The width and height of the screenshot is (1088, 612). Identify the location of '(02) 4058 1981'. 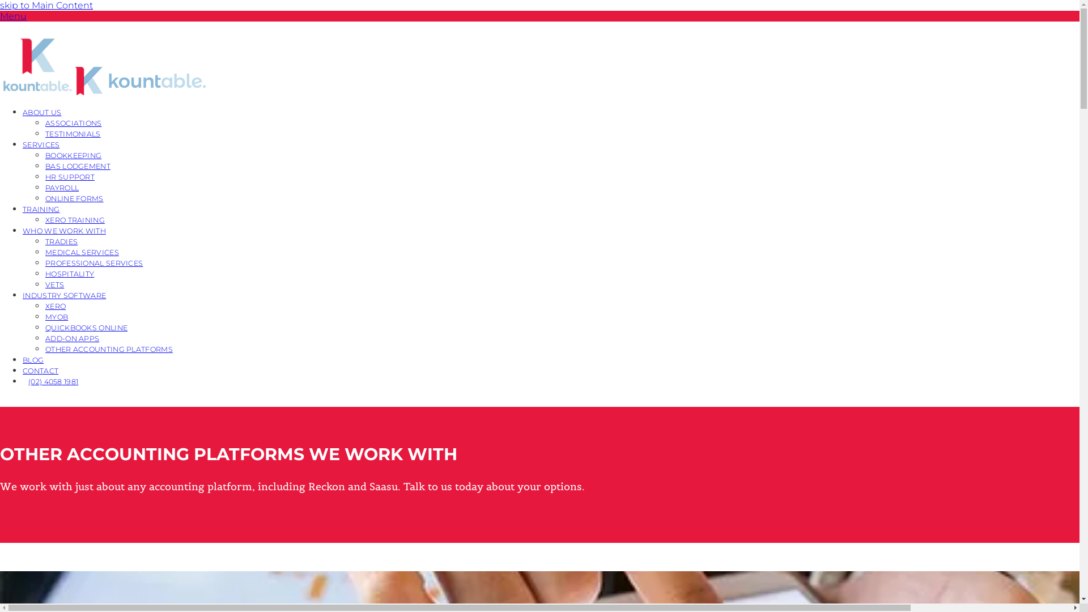
(53, 381).